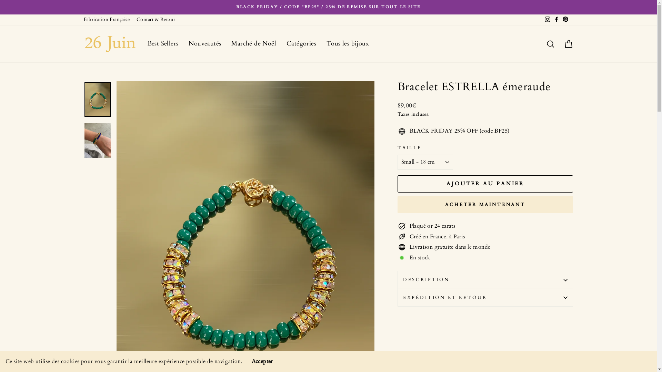  I want to click on 'Rechercher', so click(550, 44).